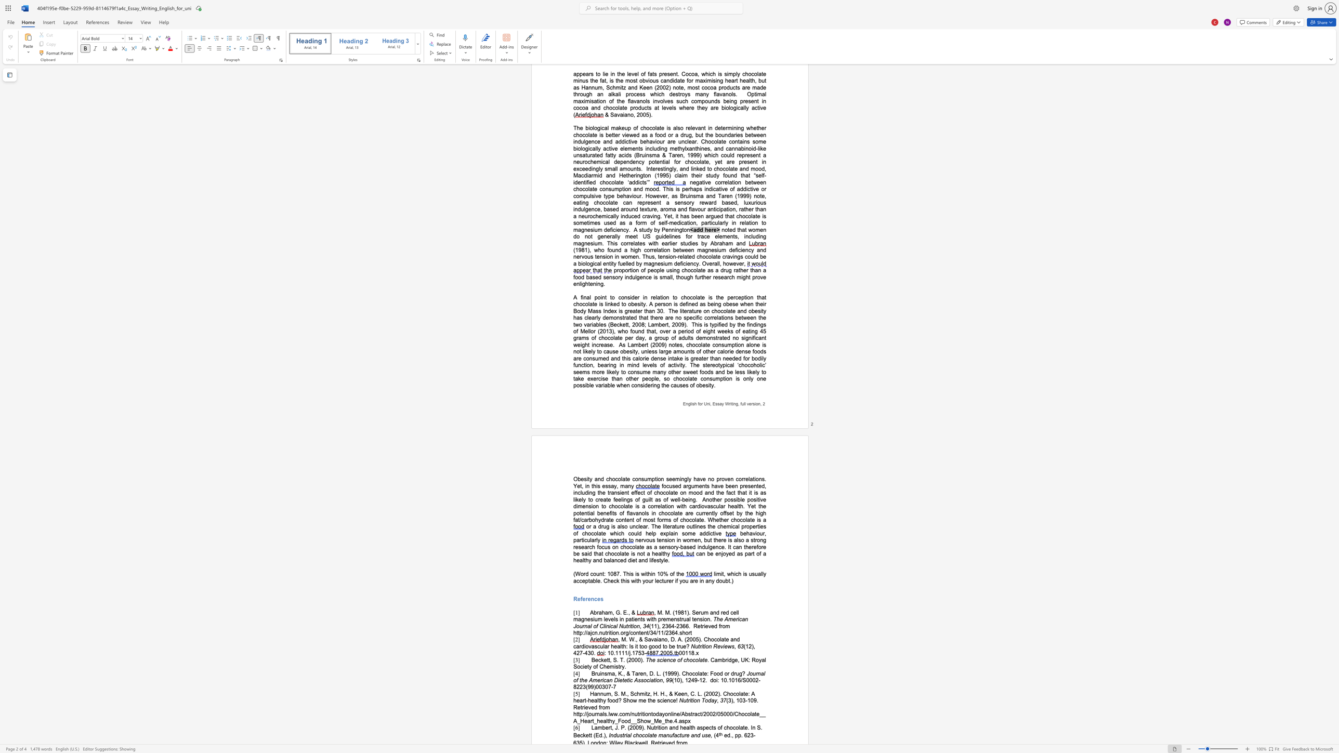 The image size is (1339, 753). I want to click on the subset text "you are in any doubt." within the text "limit, which is usually acceptable. Check this with your lecturer if you are in any doubt.)", so click(679, 580).